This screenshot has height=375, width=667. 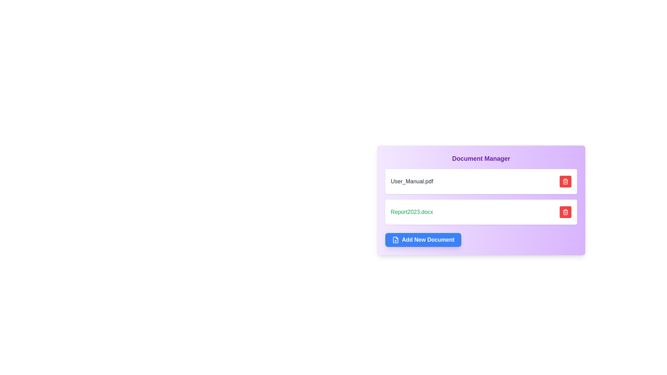 What do you see at coordinates (565, 211) in the screenshot?
I see `the red rounded rectangular button with a trash can icon in the 'Document Manager' to trigger the tooltip` at bounding box center [565, 211].